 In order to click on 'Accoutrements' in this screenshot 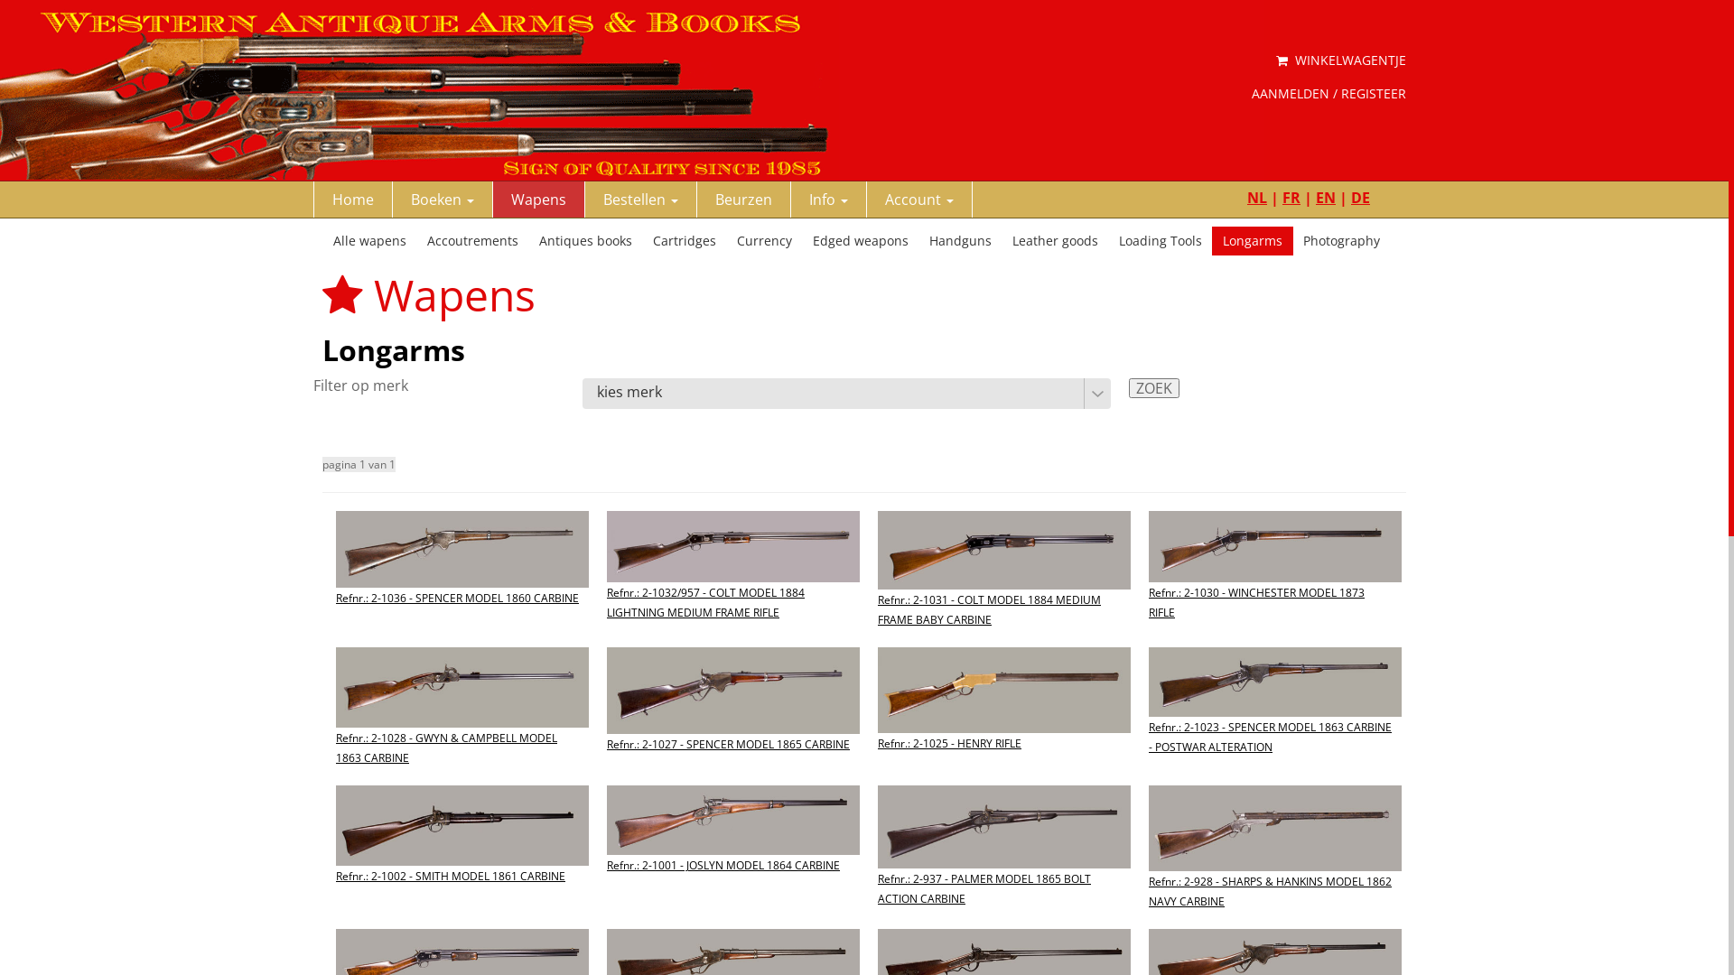, I will do `click(472, 239)`.